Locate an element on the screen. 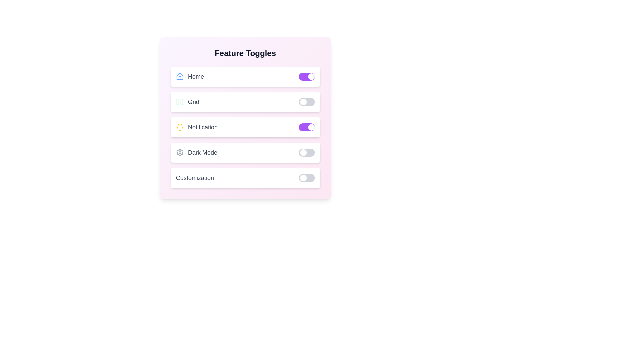 Image resolution: width=641 pixels, height=360 pixels. the toggle switch located at the right side of the row labeled 'Customization' is located at coordinates (306, 177).